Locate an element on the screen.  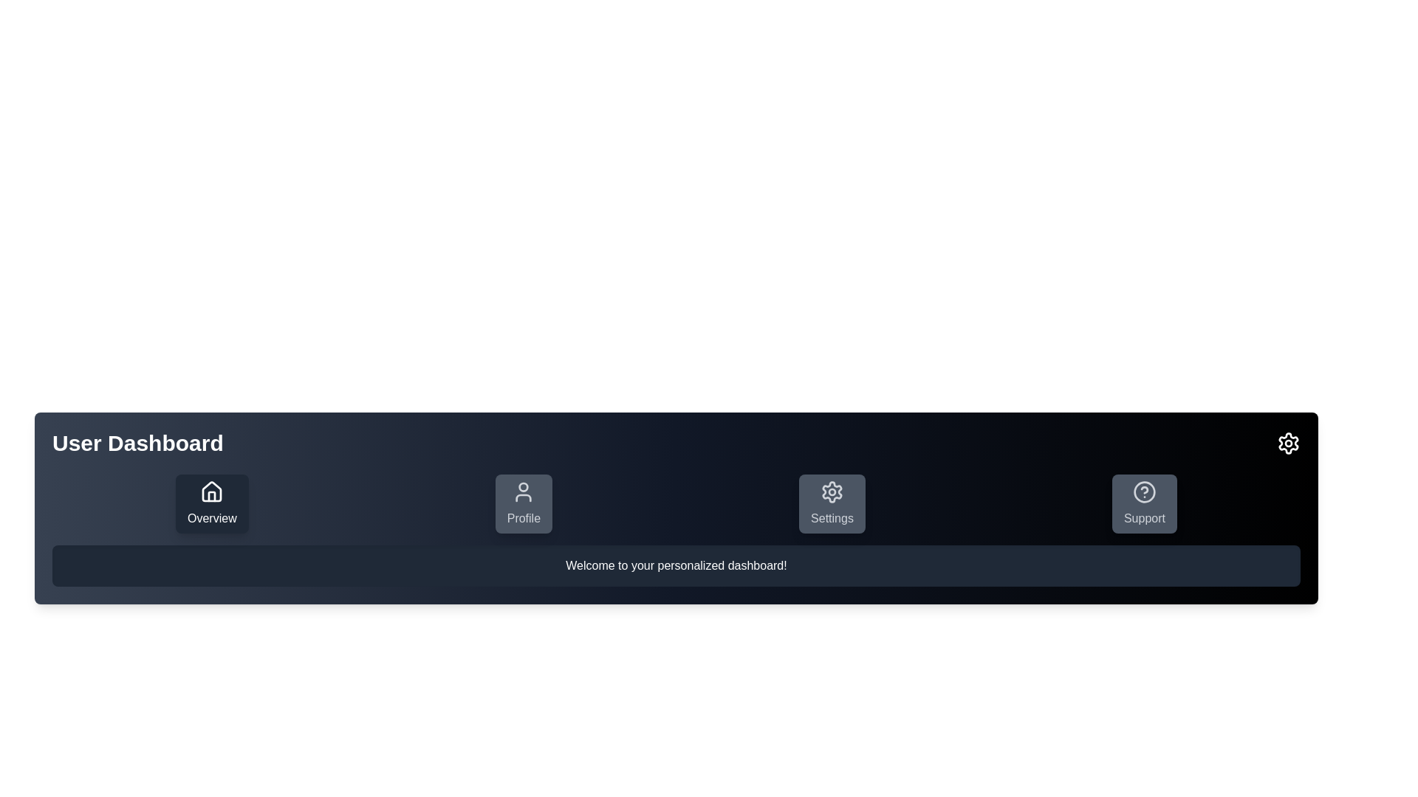
the gear-shaped settings icon located at the top-right corner of the user dashboard header is located at coordinates (1288, 443).